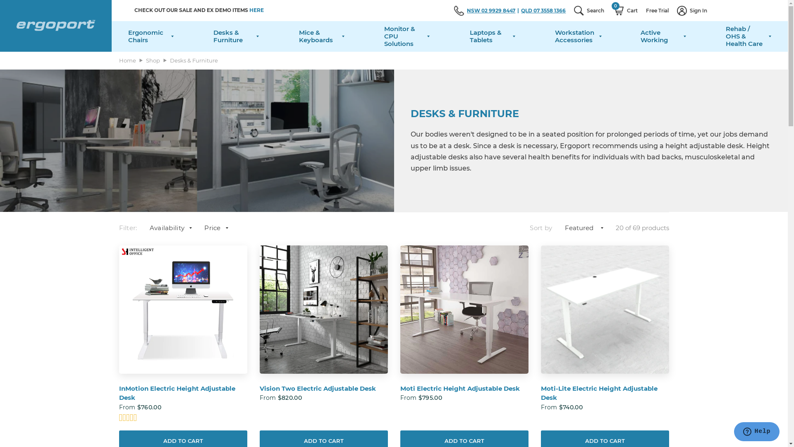  I want to click on 'Free Trial', so click(641, 10).